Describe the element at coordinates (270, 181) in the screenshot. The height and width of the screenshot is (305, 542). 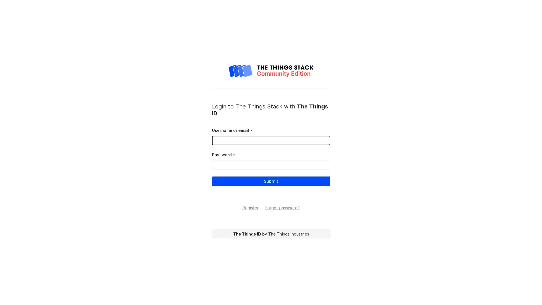
I see `Submit` at that location.